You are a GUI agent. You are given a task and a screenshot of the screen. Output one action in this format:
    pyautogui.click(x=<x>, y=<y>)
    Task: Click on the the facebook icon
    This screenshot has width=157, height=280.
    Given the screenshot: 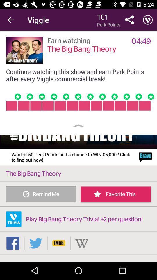 What is the action you would take?
    pyautogui.click(x=13, y=243)
    